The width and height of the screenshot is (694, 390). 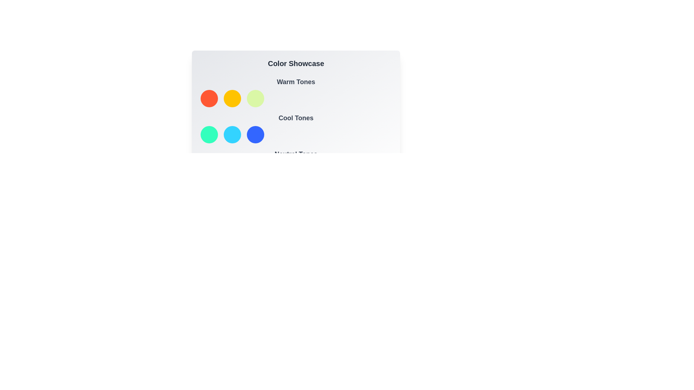 I want to click on the third circular color indicator in the 'Cool Tones' section, which is a solid blue color with a smooth border, so click(x=255, y=135).